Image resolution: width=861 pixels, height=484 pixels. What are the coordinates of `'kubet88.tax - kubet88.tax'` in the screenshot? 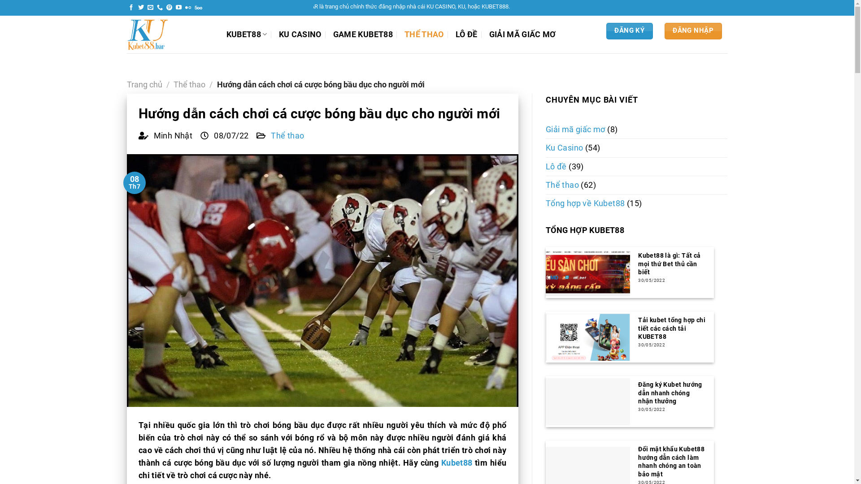 It's located at (170, 34).